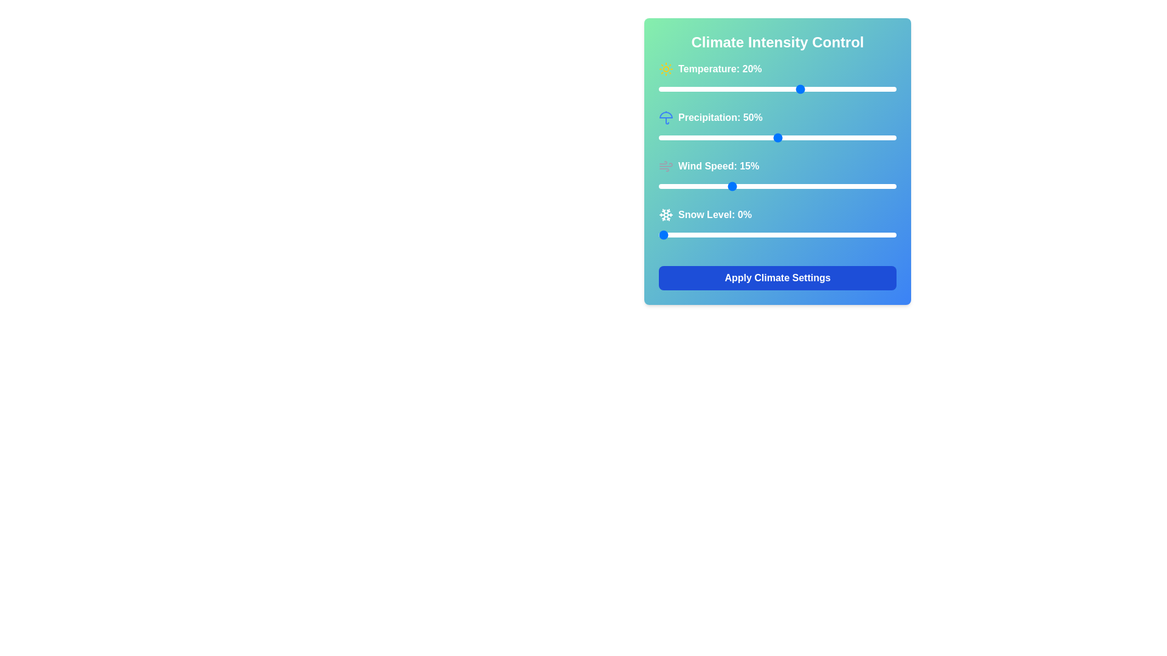  Describe the element at coordinates (777, 278) in the screenshot. I see `the button located at the bottom of the 'Climate Intensity Control' card, which confirms selected climate-related settings` at that location.